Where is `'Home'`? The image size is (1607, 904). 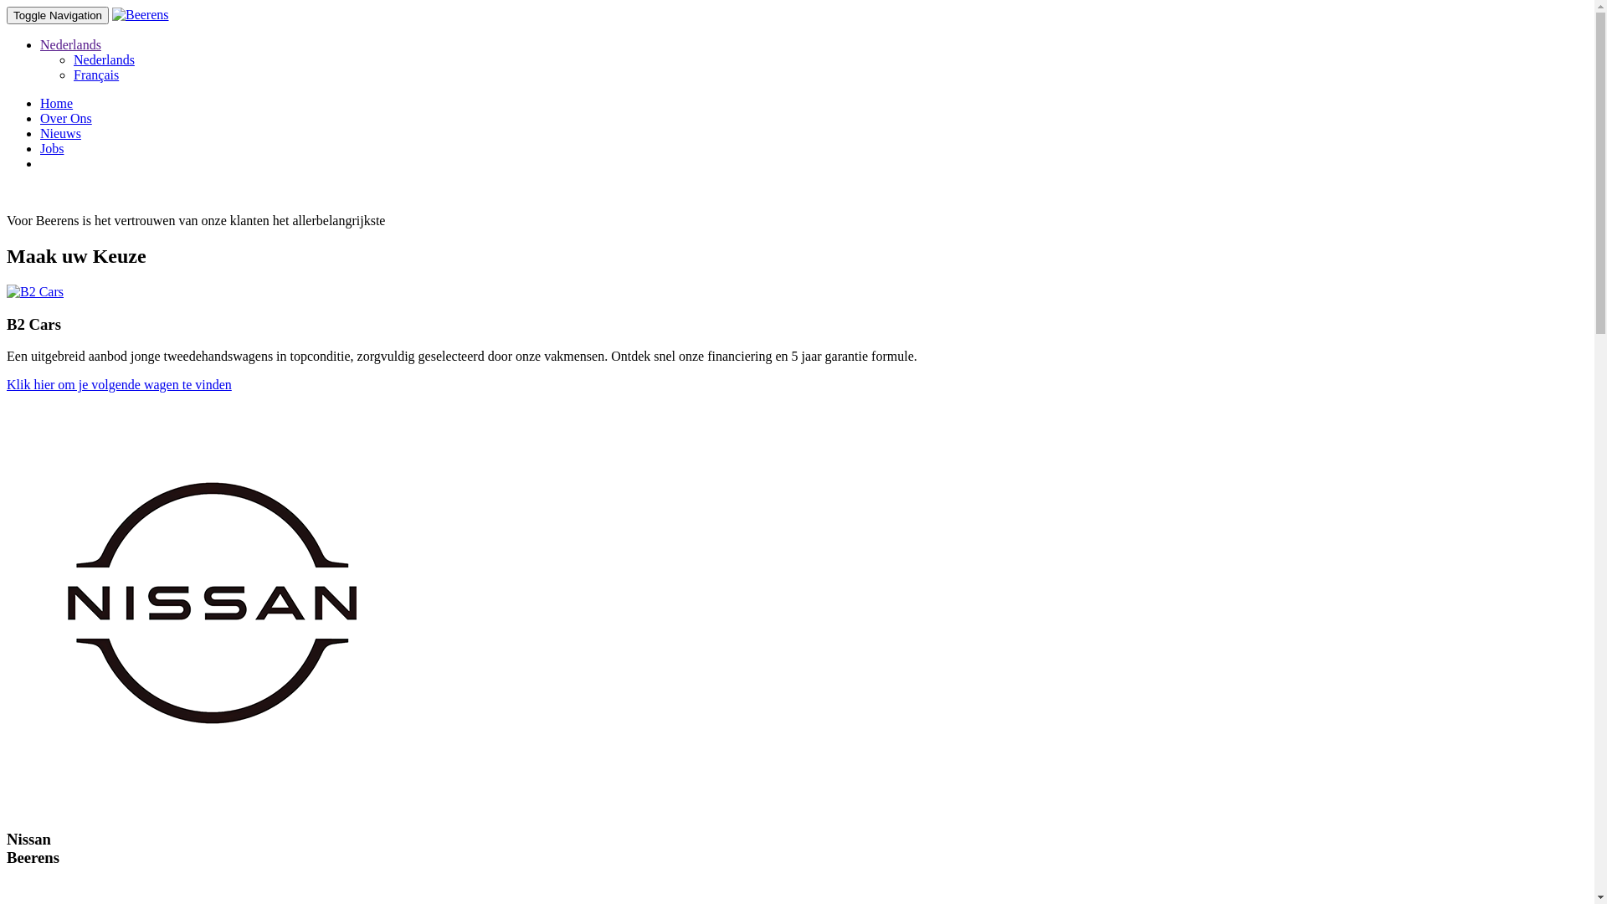 'Home' is located at coordinates (40, 103).